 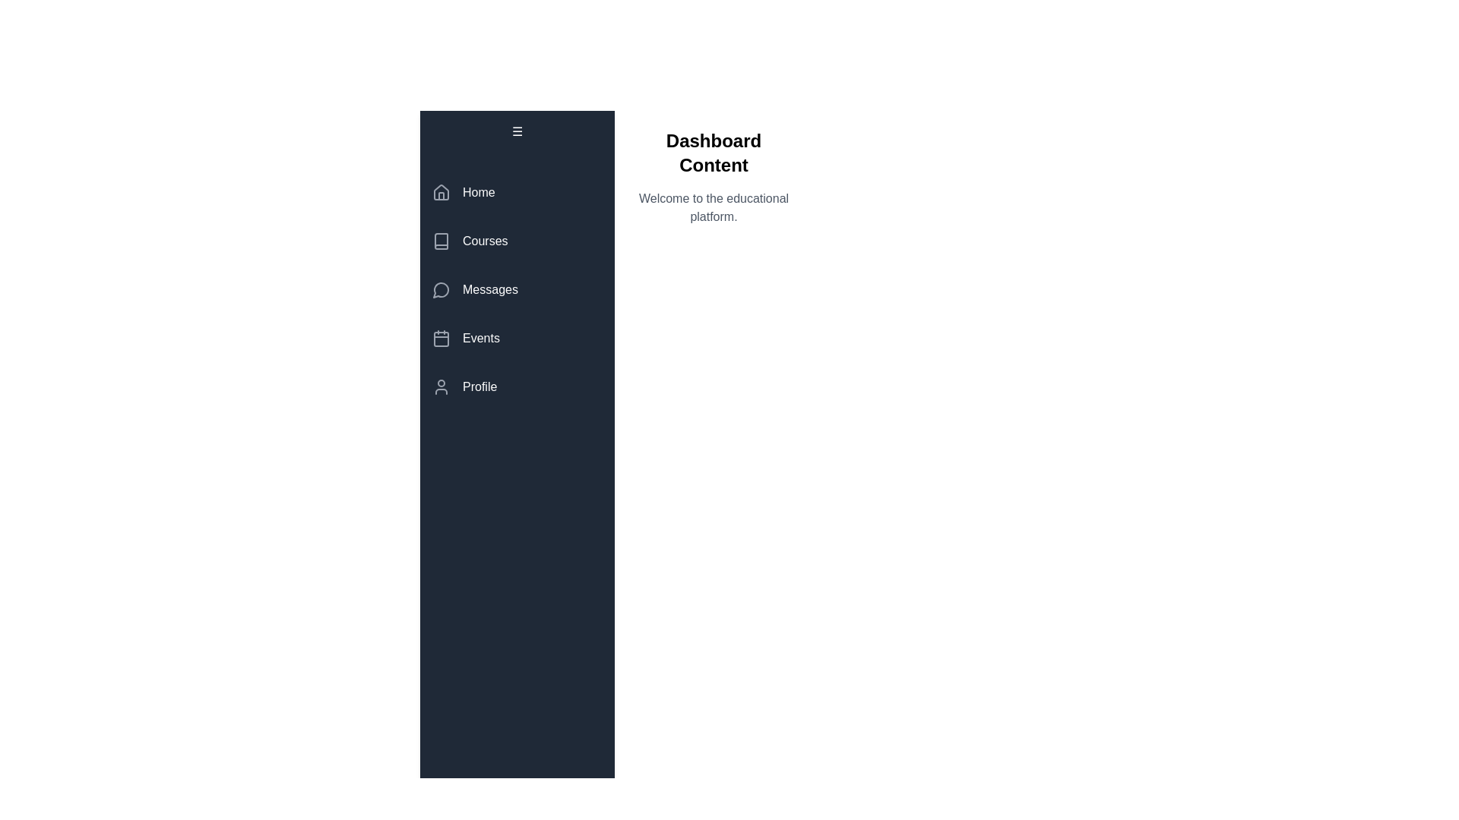 I want to click on the menu item labeled Courses by clicking on it, so click(x=517, y=240).